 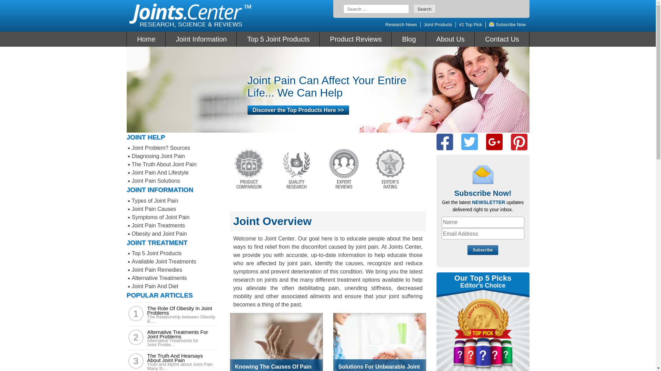 I want to click on 'Joint Products', so click(x=438, y=24).